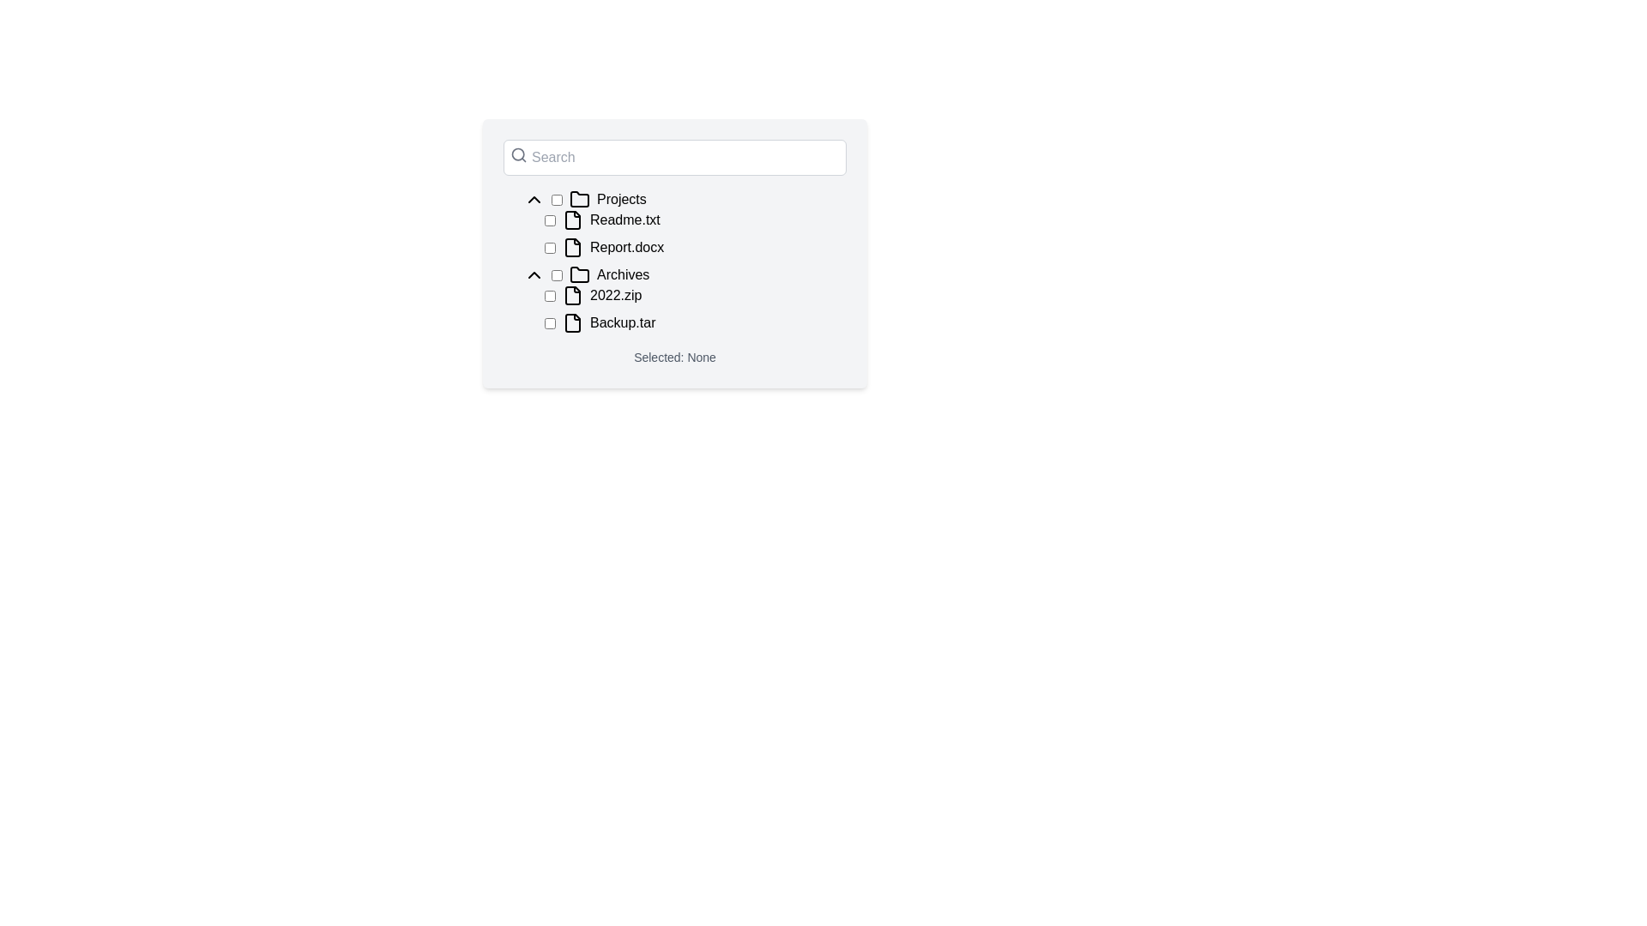 This screenshot has height=926, width=1647. Describe the element at coordinates (557, 274) in the screenshot. I see `the checkbox located to the left of the 'Archives' label` at that location.